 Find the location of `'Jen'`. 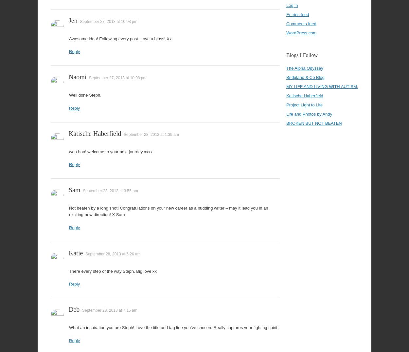

'Jen' is located at coordinates (73, 20).